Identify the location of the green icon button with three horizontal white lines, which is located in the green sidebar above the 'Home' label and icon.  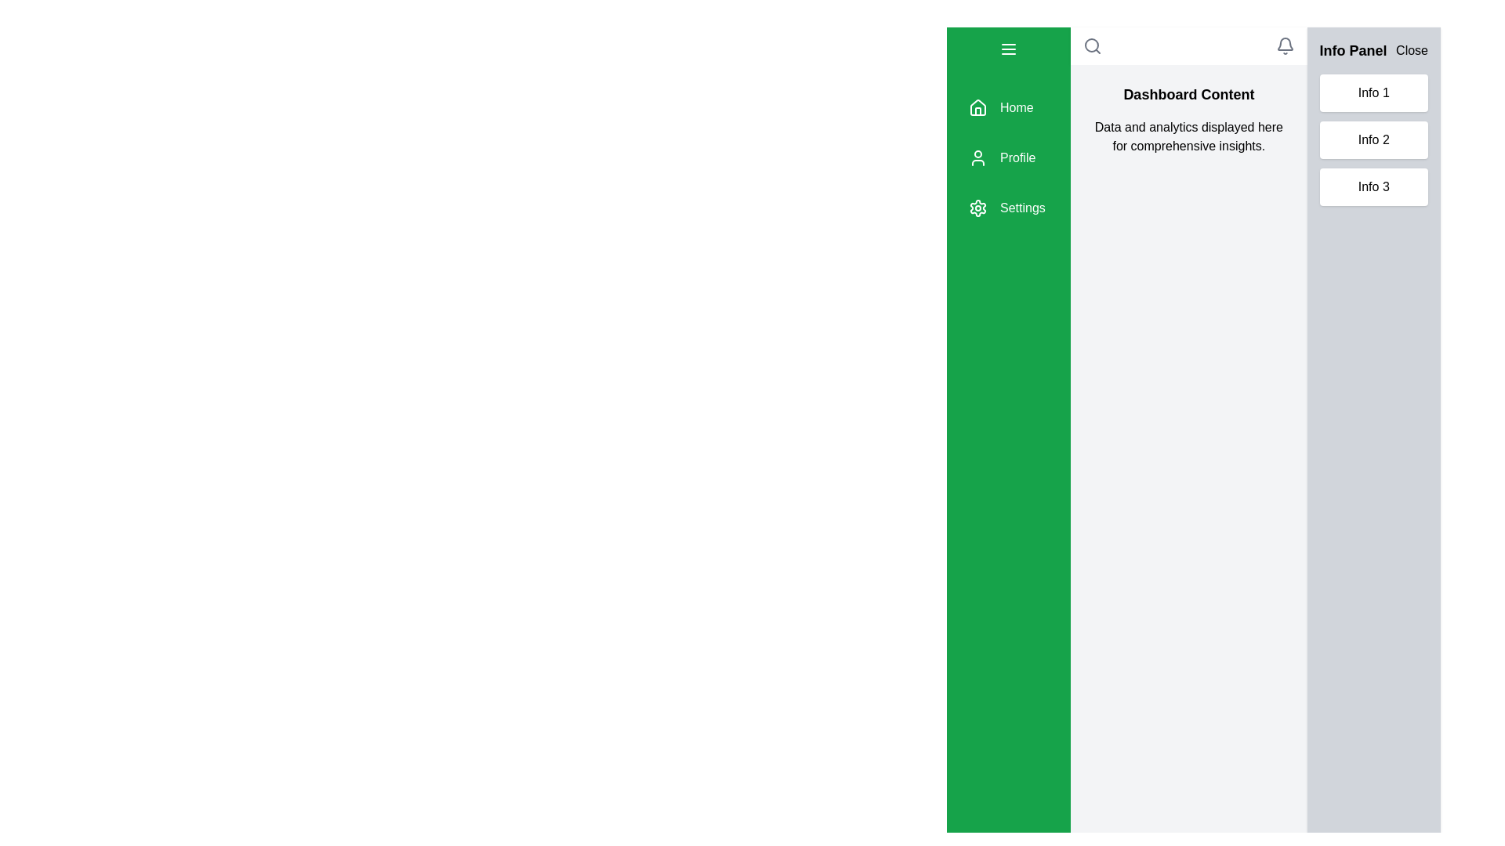
(1009, 51).